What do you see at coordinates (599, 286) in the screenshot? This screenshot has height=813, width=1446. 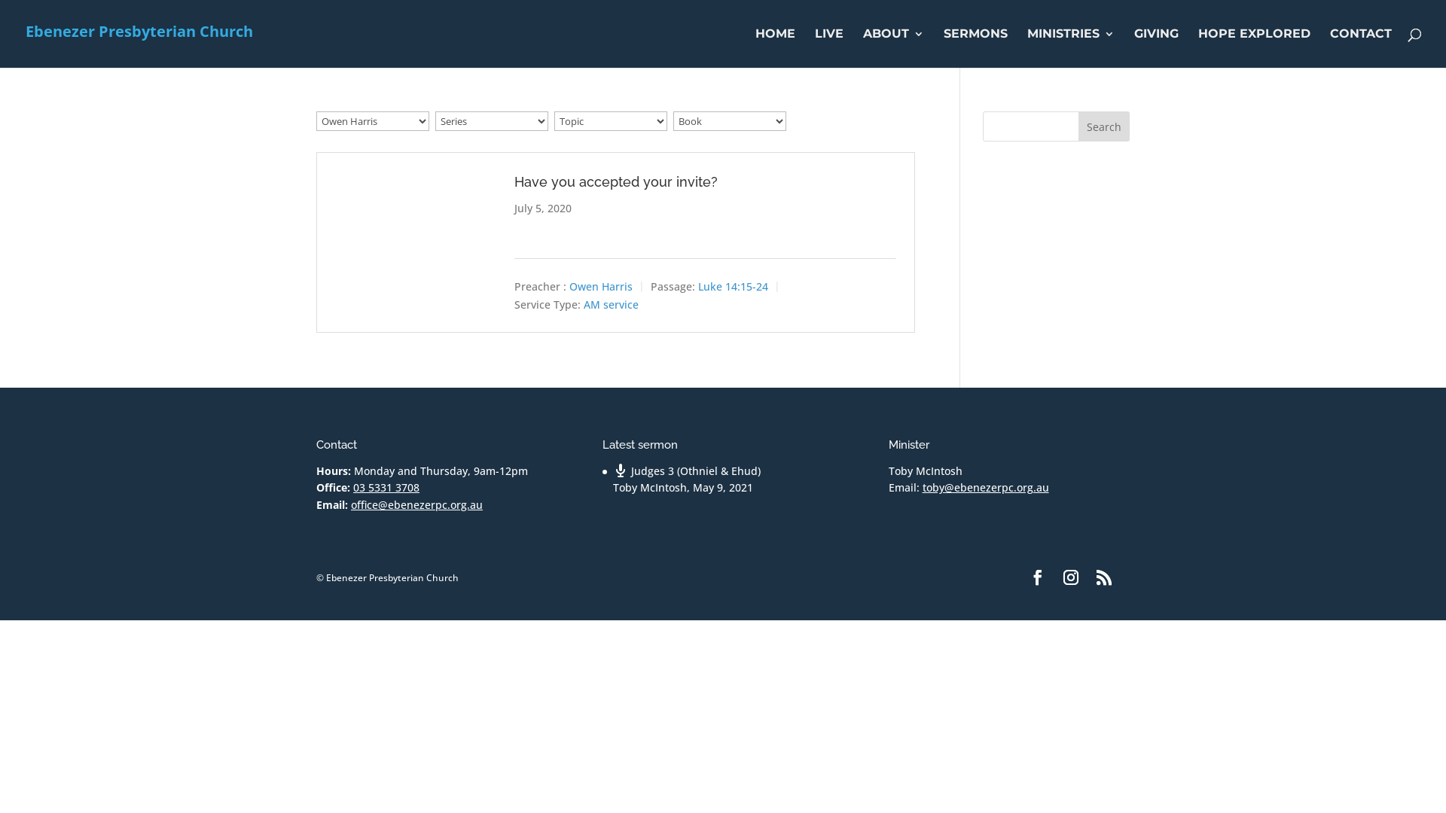 I see `'Owen Harris'` at bounding box center [599, 286].